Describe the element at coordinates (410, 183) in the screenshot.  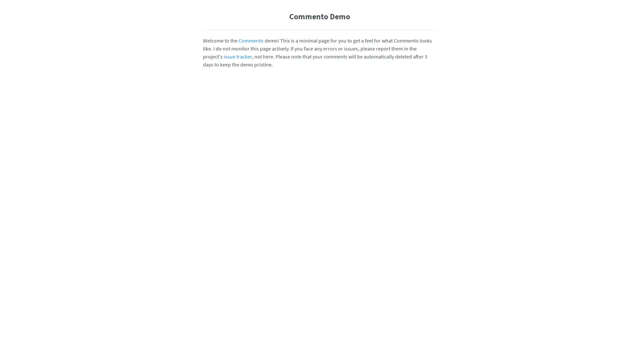
I see `Upvote` at that location.